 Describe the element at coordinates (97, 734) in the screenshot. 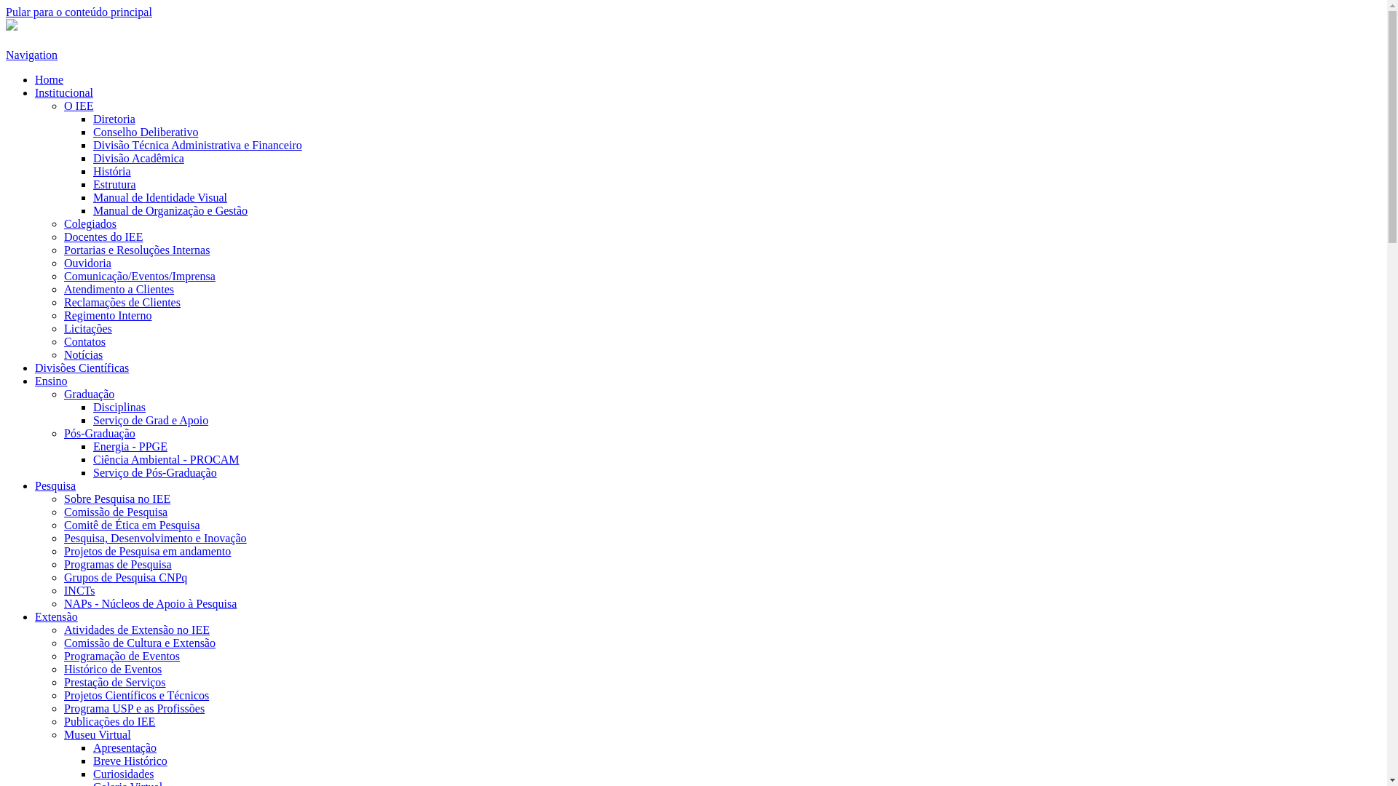

I see `'Museu Virtual'` at that location.